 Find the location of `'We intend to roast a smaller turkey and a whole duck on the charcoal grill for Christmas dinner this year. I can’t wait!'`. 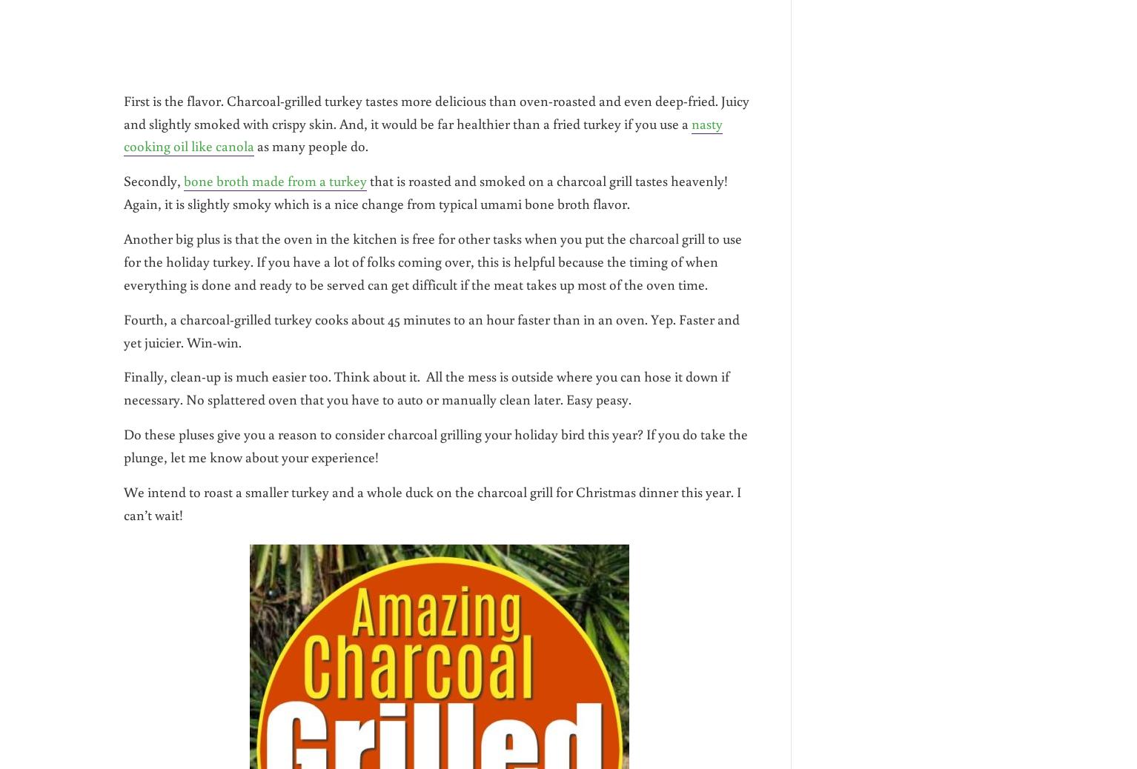

'We intend to roast a smaller turkey and a whole duck on the charcoal grill for Christmas dinner this year. I can’t wait!' is located at coordinates (432, 502).